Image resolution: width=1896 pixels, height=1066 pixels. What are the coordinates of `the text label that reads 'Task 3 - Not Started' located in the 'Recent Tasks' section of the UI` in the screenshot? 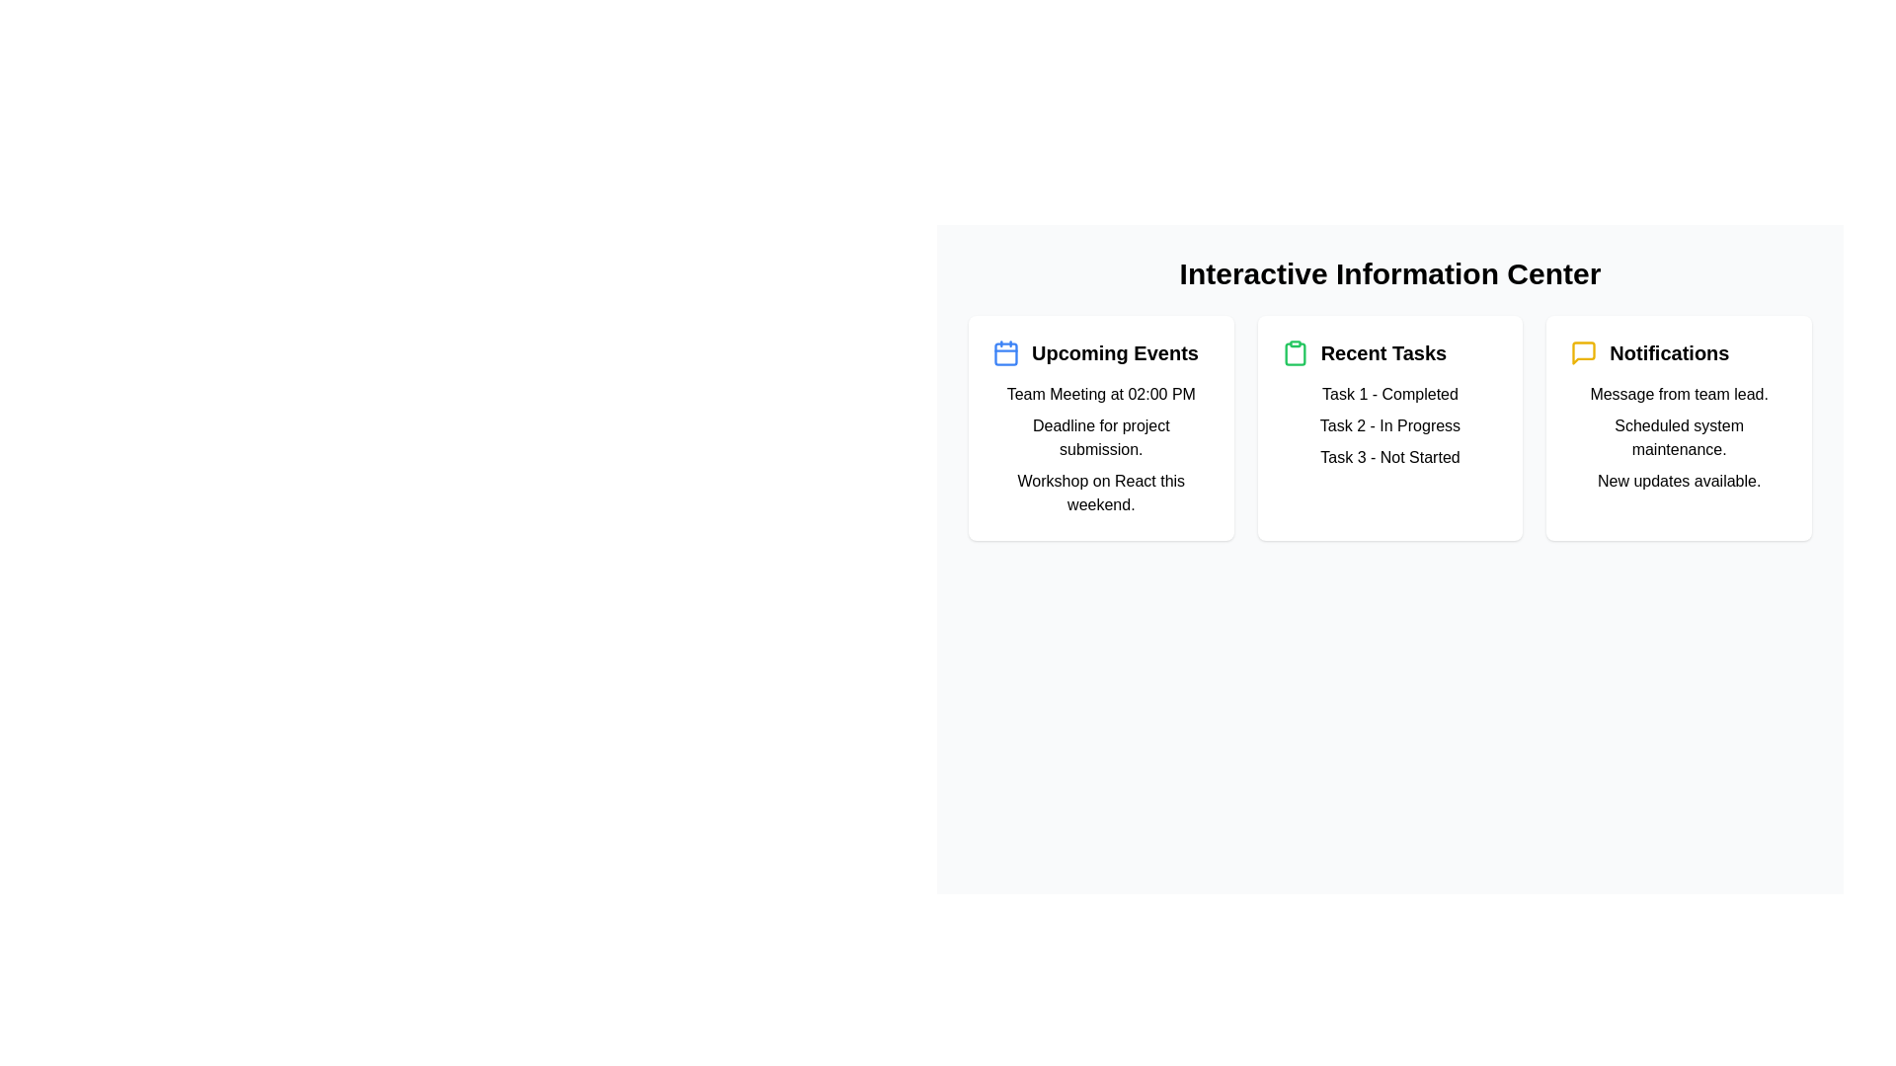 It's located at (1388, 457).